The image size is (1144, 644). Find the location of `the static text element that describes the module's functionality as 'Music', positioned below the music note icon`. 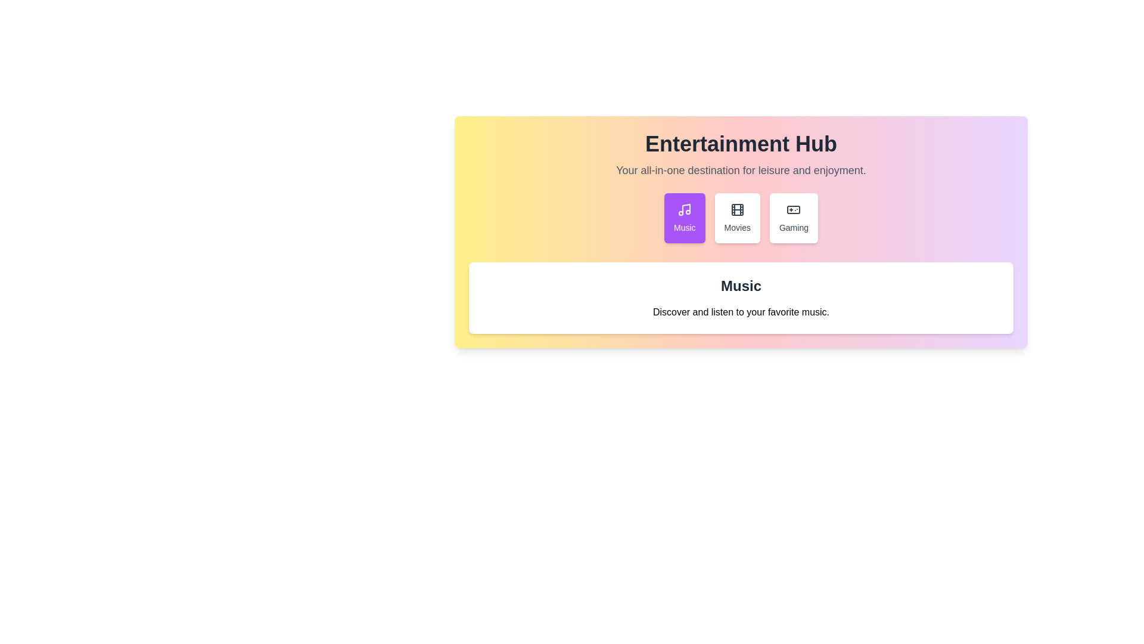

the static text element that describes the module's functionality as 'Music', positioned below the music note icon is located at coordinates (685, 227).